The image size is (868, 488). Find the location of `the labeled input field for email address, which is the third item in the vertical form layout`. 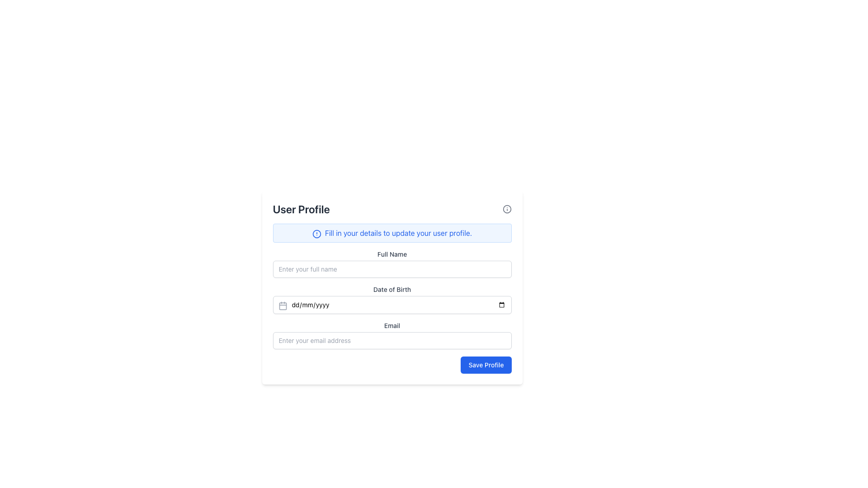

the labeled input field for email address, which is the third item in the vertical form layout is located at coordinates (392, 335).